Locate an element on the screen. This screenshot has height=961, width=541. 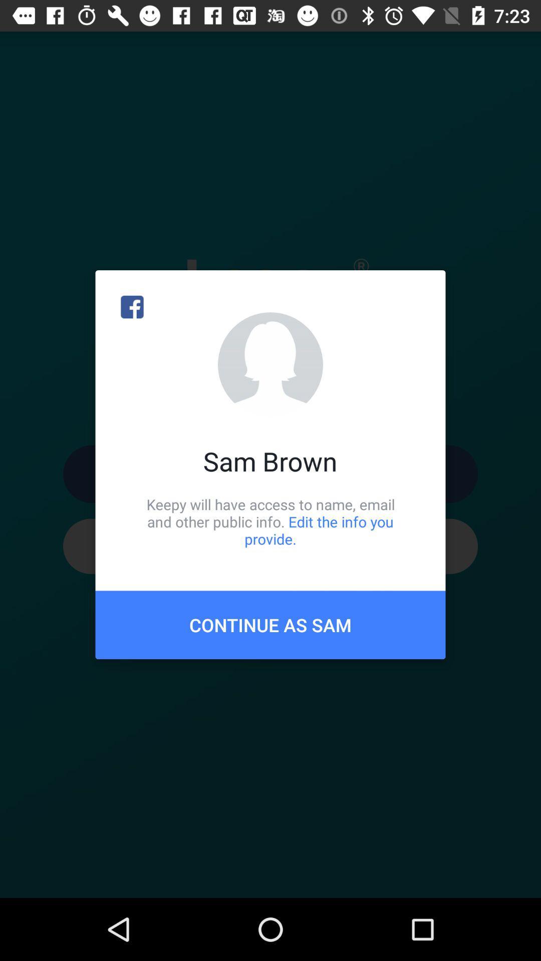
the continue as sam icon is located at coordinates (270, 624).